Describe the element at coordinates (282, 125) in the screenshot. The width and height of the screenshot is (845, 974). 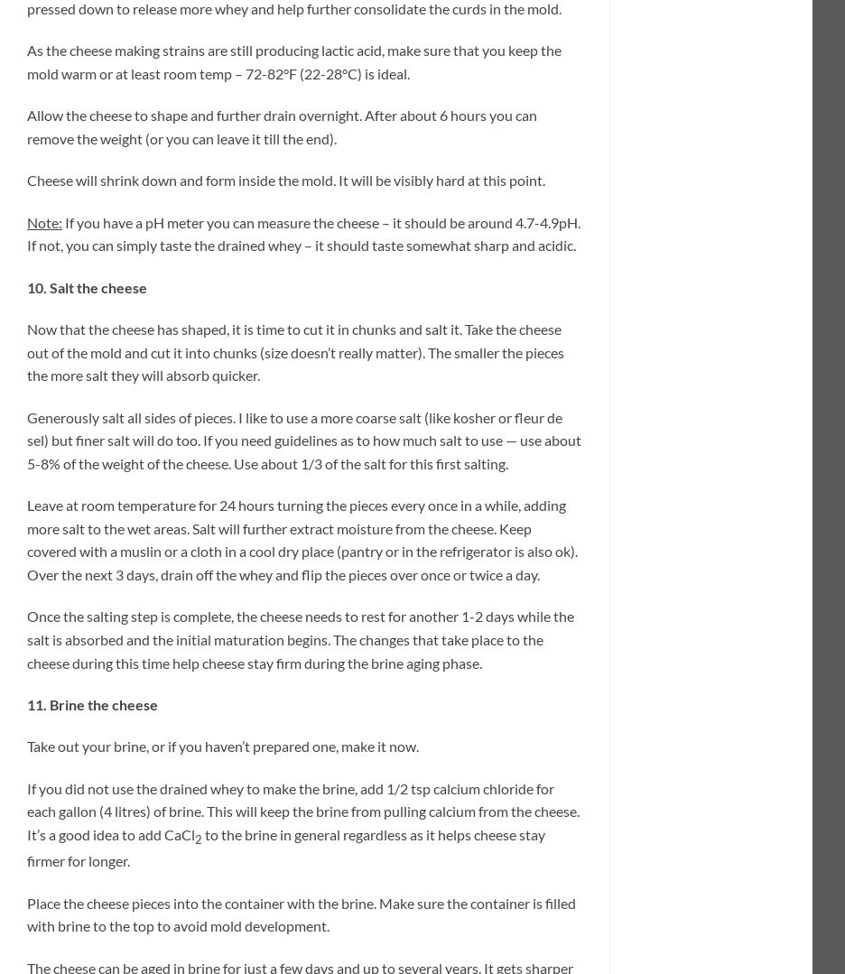
I see `'Allow the cheese to shape and further drain overnight. After about 6 hours you can remove the weight (or you can leave it till the end).'` at that location.